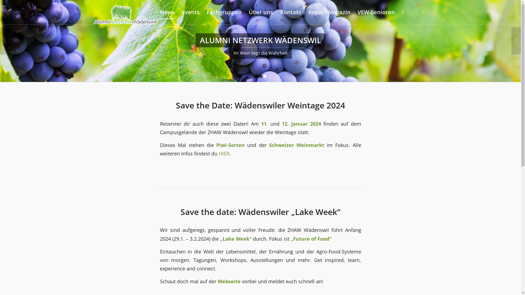  Describe the element at coordinates (290, 12) in the screenshot. I see `'Kontakt'` at that location.